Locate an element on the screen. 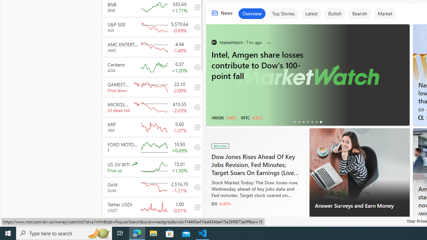  'INTC -6.12%' is located at coordinates (251, 117).